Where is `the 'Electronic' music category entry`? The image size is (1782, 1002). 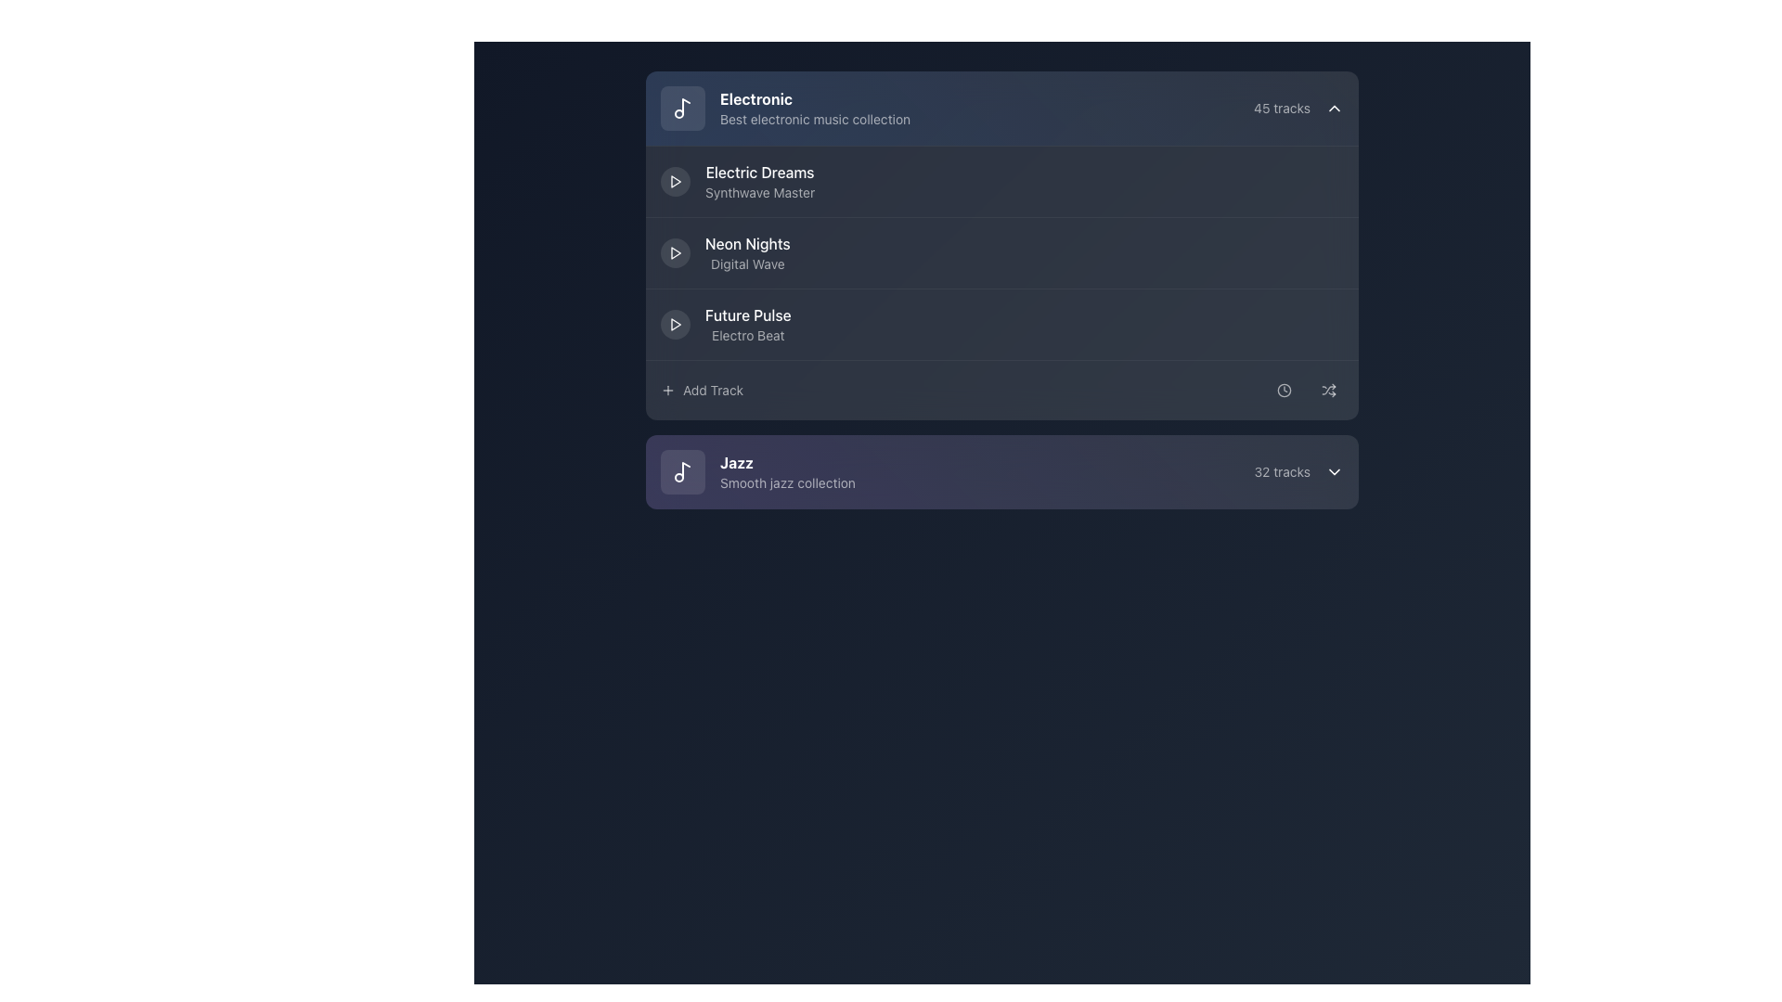
the 'Electronic' music category entry is located at coordinates (785, 108).